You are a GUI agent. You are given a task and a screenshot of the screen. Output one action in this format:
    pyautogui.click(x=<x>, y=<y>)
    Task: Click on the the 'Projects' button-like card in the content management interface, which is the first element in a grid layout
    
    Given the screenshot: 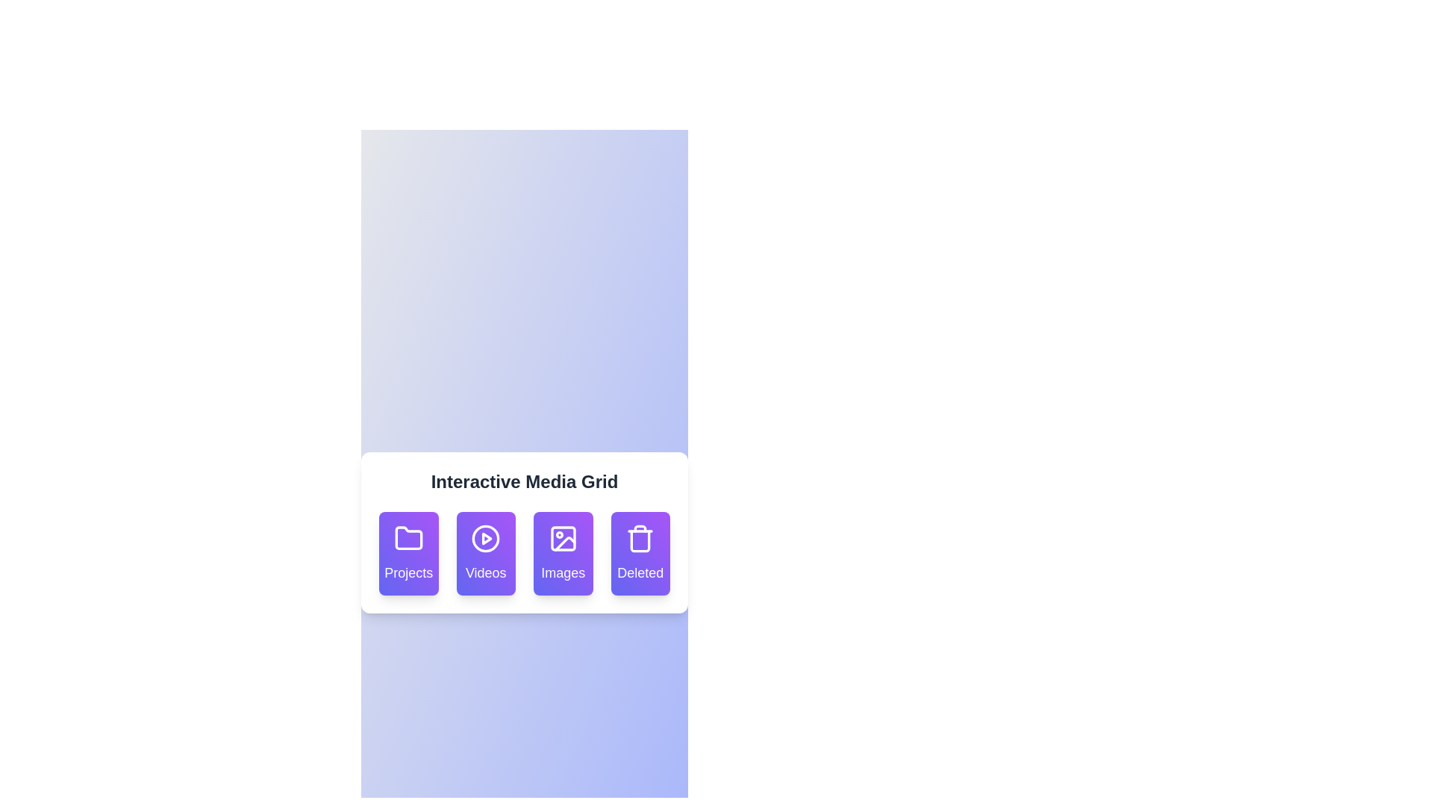 What is the action you would take?
    pyautogui.click(x=408, y=553)
    